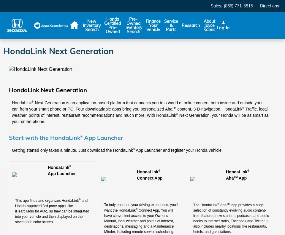 This screenshot has height=235, width=285. I want to click on '(866) 771-5815', so click(238, 5).